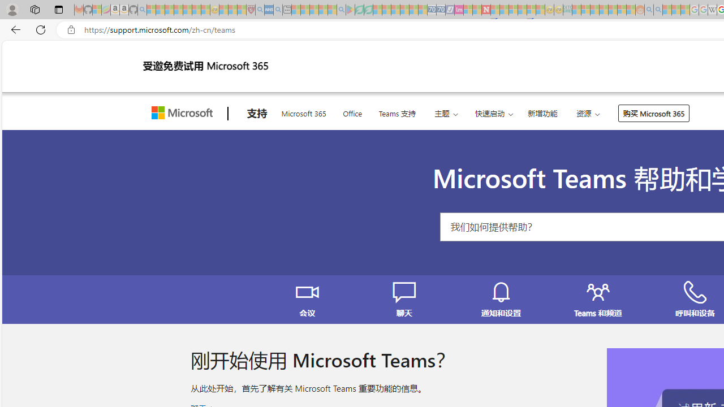 This screenshot has height=407, width=724. Describe the element at coordinates (223, 10) in the screenshot. I see `'Recipes - MSN - Sleeping'` at that location.